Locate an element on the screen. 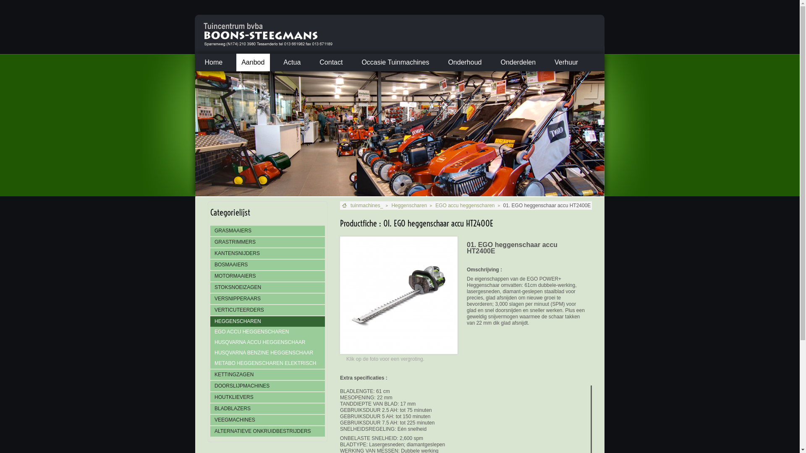  'Onderdelen' is located at coordinates (495, 62).